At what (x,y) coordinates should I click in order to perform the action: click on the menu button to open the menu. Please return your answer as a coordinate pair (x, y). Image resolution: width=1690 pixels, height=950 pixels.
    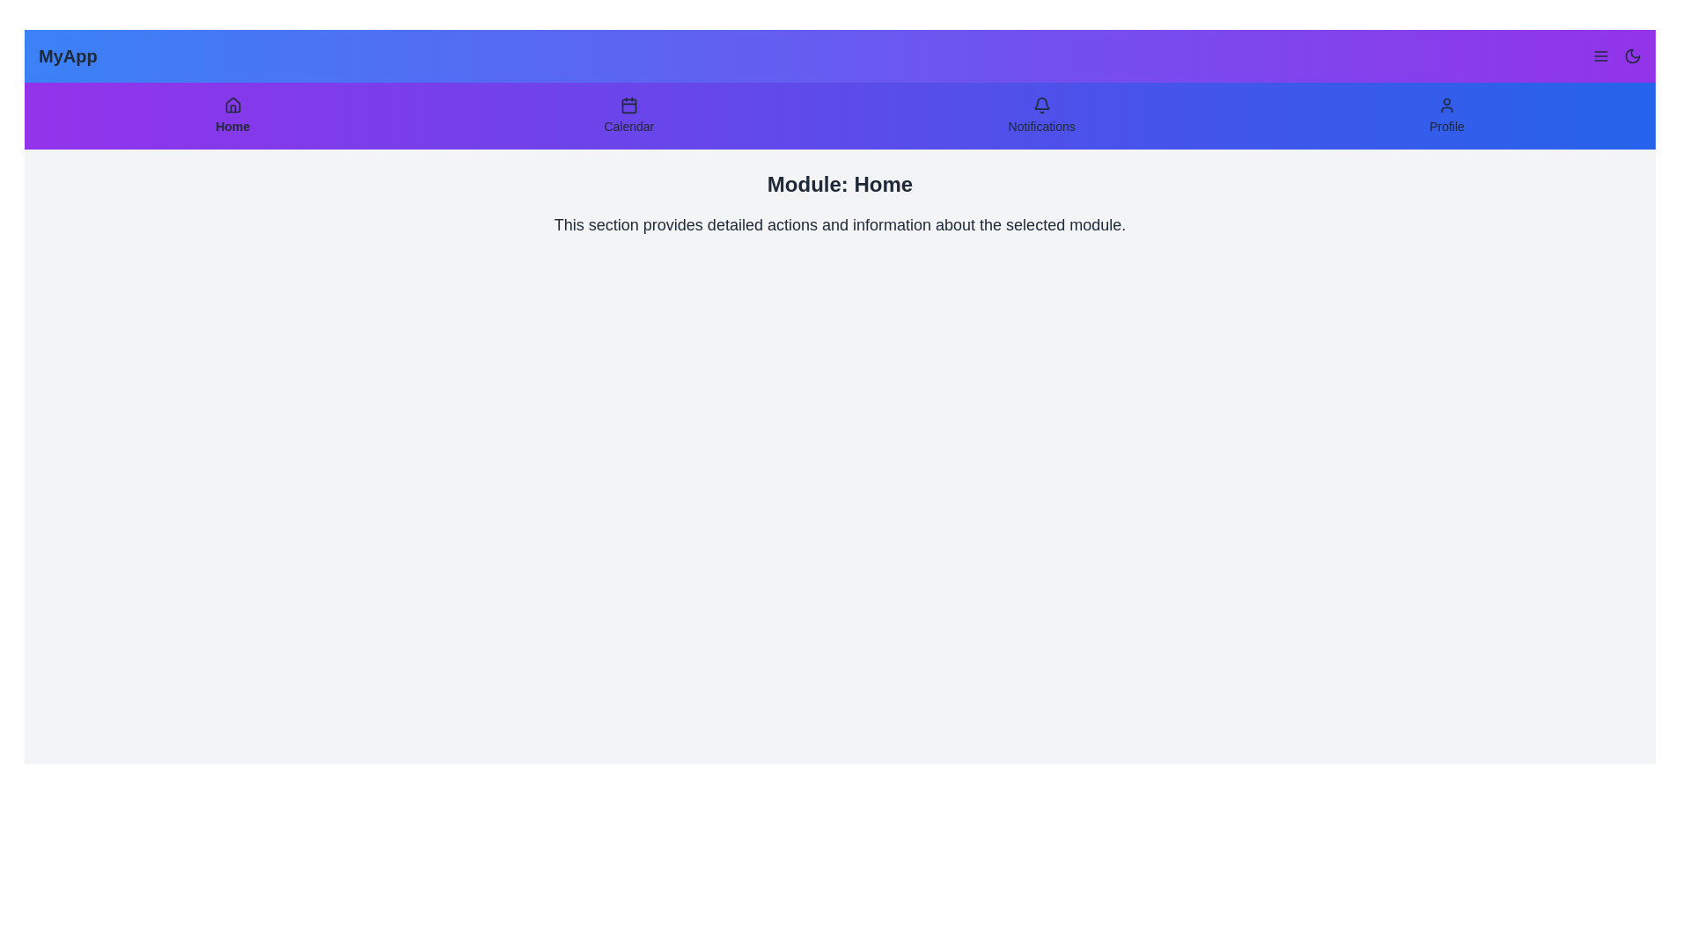
    Looking at the image, I should click on (1601, 55).